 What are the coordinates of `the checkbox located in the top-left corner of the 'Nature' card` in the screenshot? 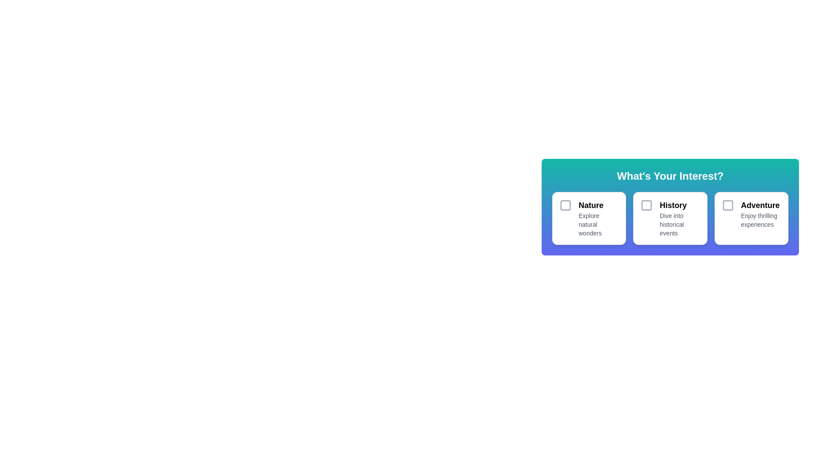 It's located at (566, 205).